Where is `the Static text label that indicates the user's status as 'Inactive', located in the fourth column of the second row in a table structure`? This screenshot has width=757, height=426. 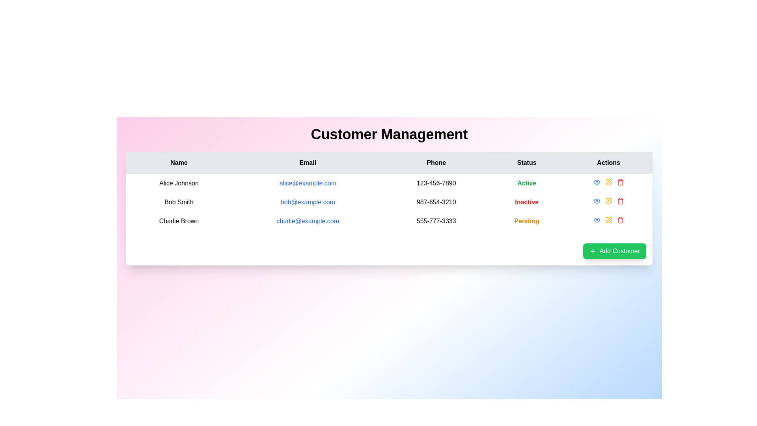 the Static text label that indicates the user's status as 'Inactive', located in the fourth column of the second row in a table structure is located at coordinates (527, 202).